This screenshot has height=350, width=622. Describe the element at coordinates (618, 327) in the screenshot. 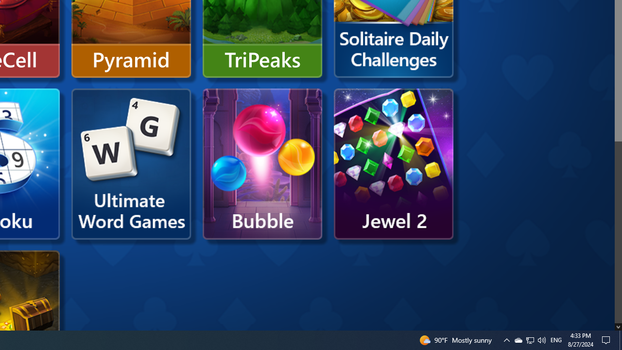

I see `'AutomationID: down_arrow_0'` at that location.